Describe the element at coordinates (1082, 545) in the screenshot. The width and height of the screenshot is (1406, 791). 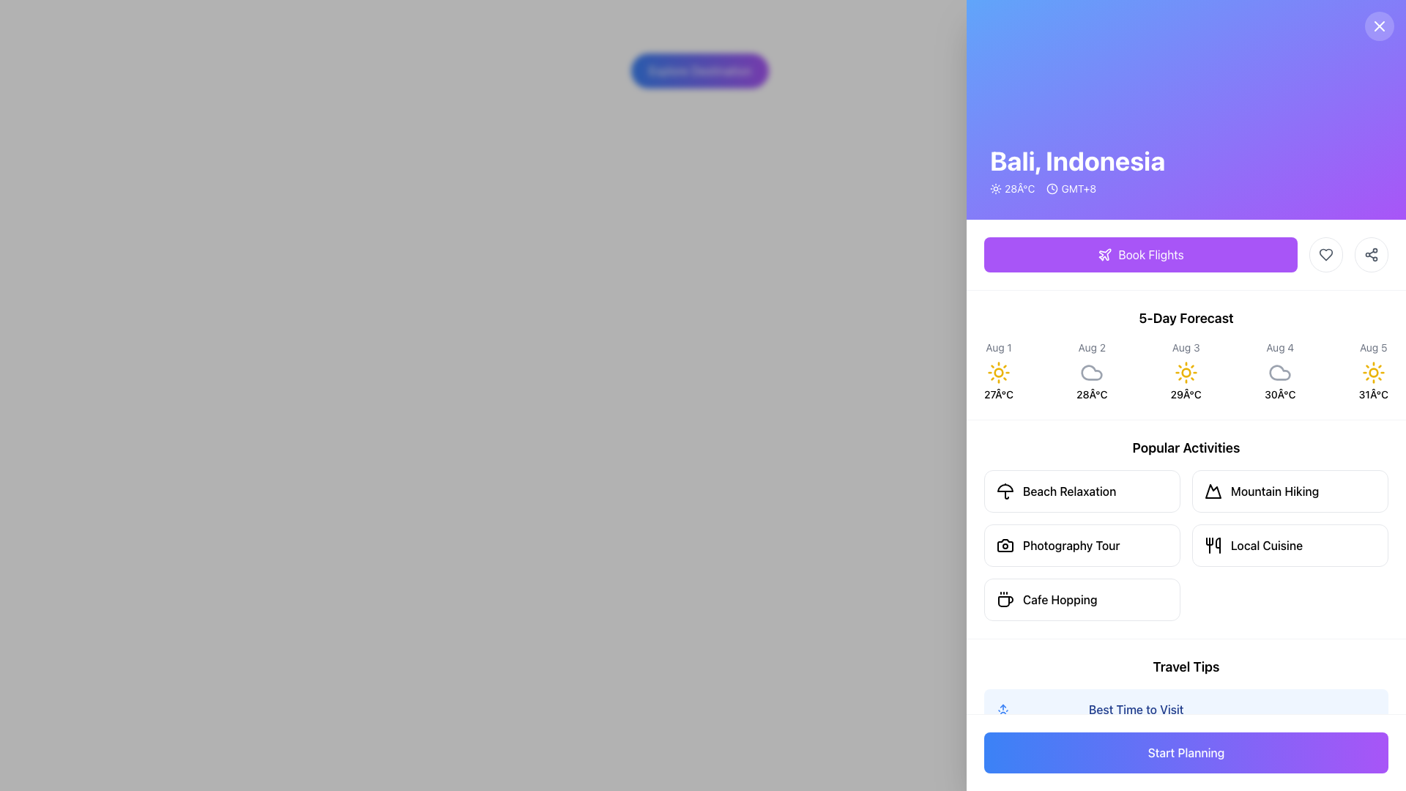
I see `the third interactive card` at that location.